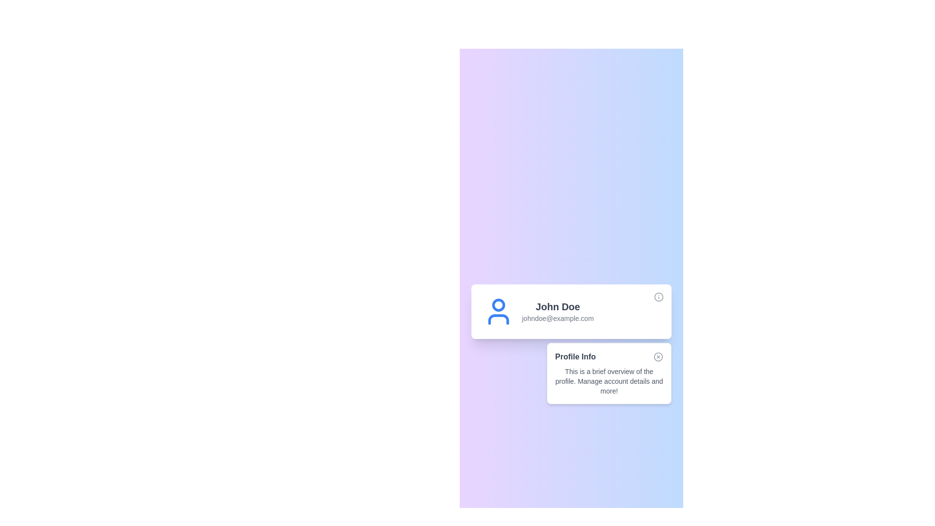  I want to click on the dismiss icon (circle within an SVG) located at the top-right corner of the 'Profile Info' card to trigger the dismiss functionality, so click(658, 357).